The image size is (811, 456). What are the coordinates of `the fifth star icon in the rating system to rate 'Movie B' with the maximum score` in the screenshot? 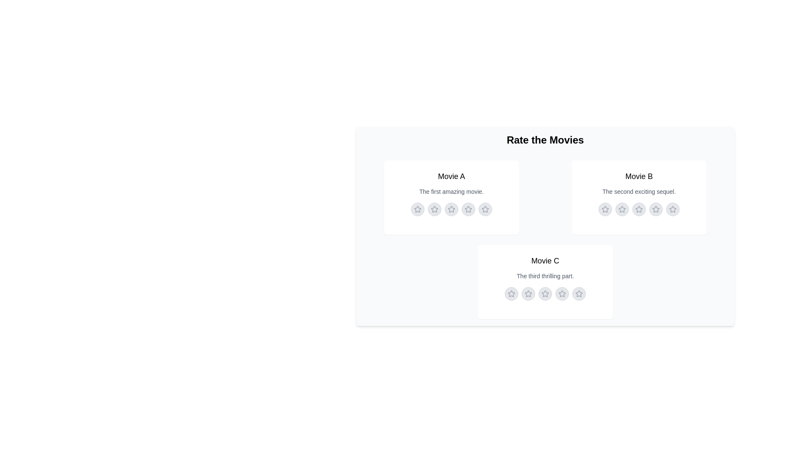 It's located at (672, 209).